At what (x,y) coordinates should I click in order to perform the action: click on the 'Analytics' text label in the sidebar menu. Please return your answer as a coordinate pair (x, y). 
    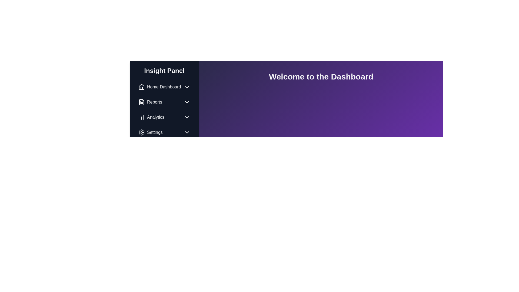
    Looking at the image, I should click on (155, 117).